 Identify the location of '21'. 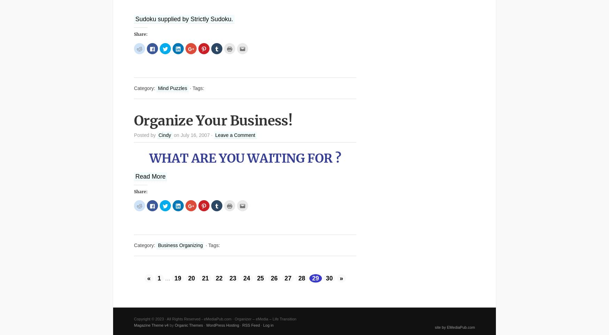
(205, 278).